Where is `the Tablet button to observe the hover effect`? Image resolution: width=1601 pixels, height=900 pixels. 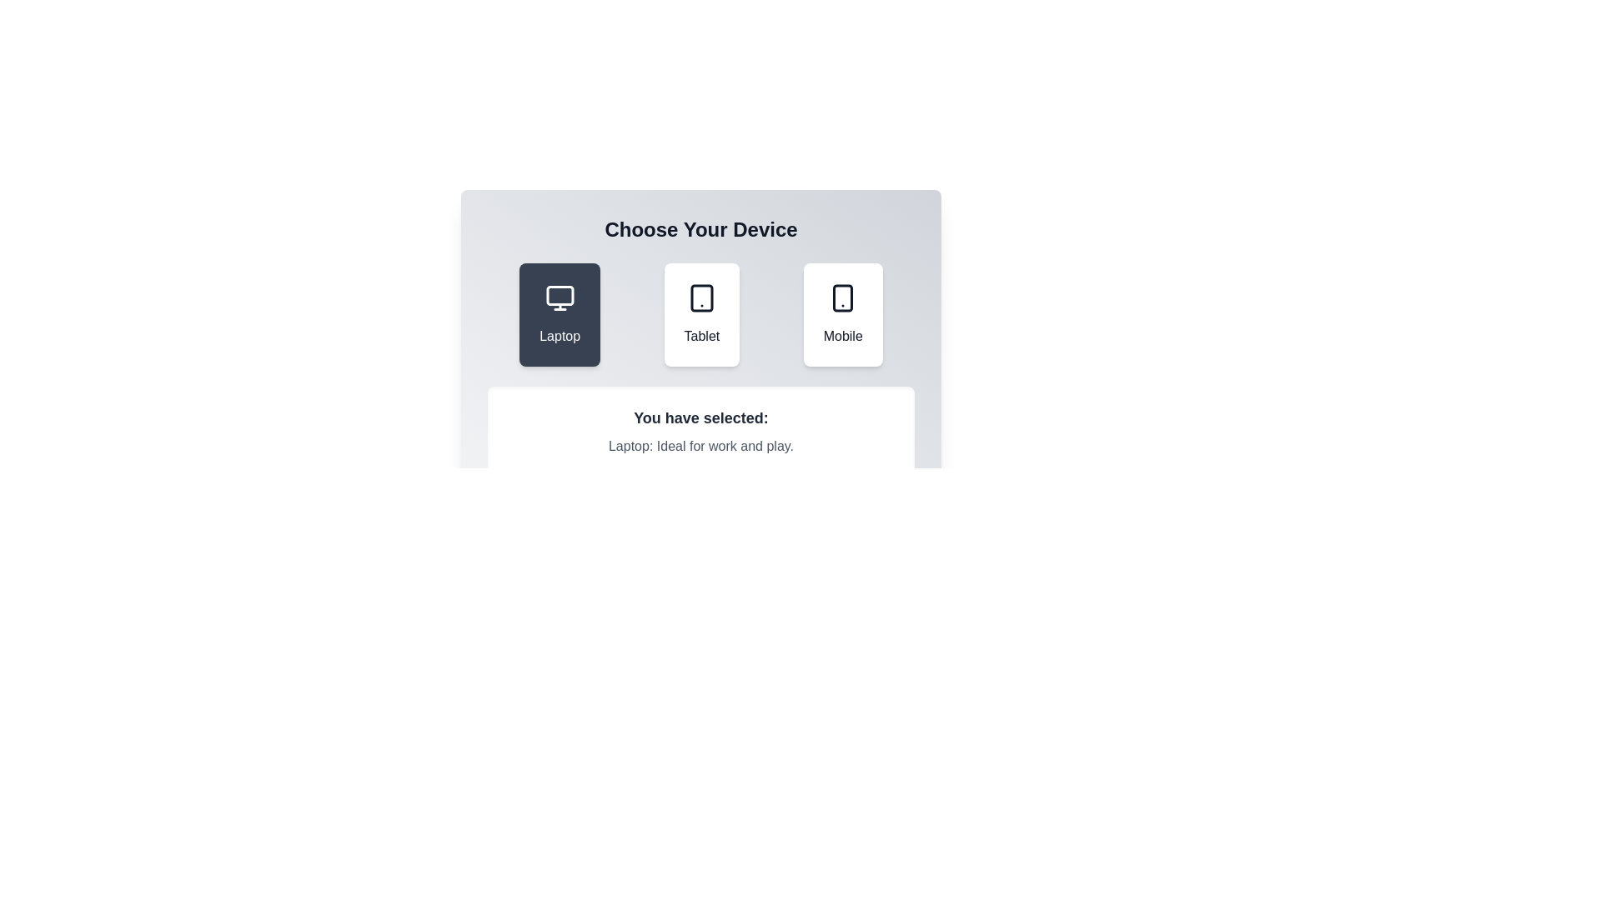
the Tablet button to observe the hover effect is located at coordinates (701, 315).